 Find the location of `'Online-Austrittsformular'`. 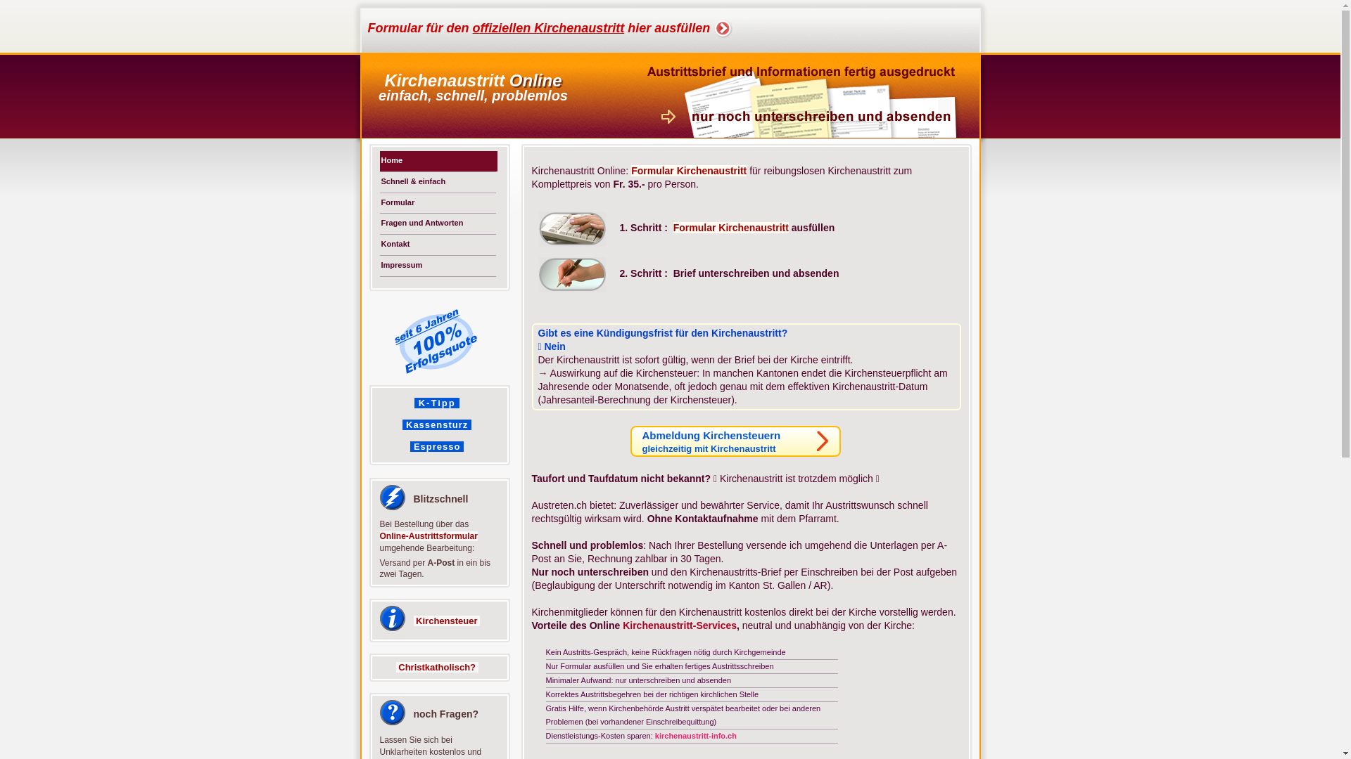

'Online-Austrittsformular' is located at coordinates (379, 536).